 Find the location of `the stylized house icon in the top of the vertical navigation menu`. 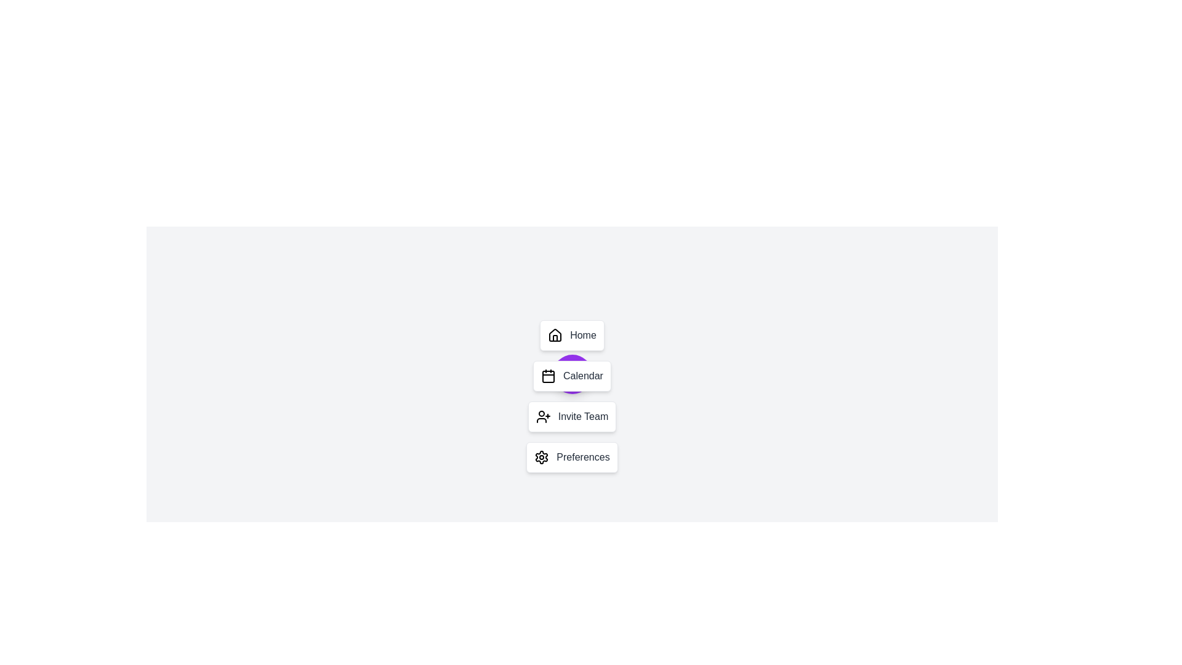

the stylized house icon in the top of the vertical navigation menu is located at coordinates (555, 334).